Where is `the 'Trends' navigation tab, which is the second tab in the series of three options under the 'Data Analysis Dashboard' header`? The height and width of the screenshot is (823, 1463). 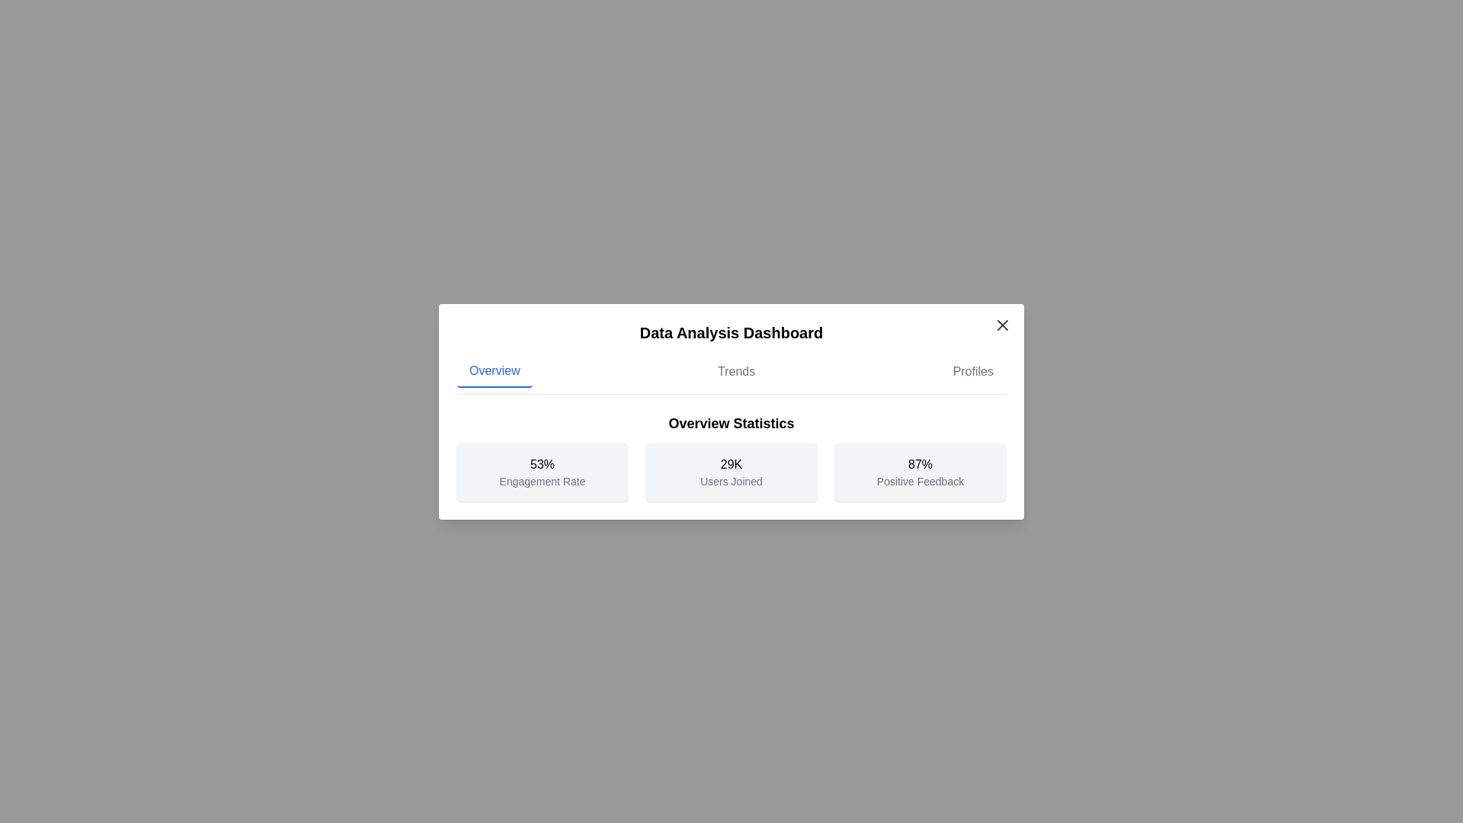 the 'Trends' navigation tab, which is the second tab in the series of three options under the 'Data Analysis Dashboard' header is located at coordinates (736, 371).